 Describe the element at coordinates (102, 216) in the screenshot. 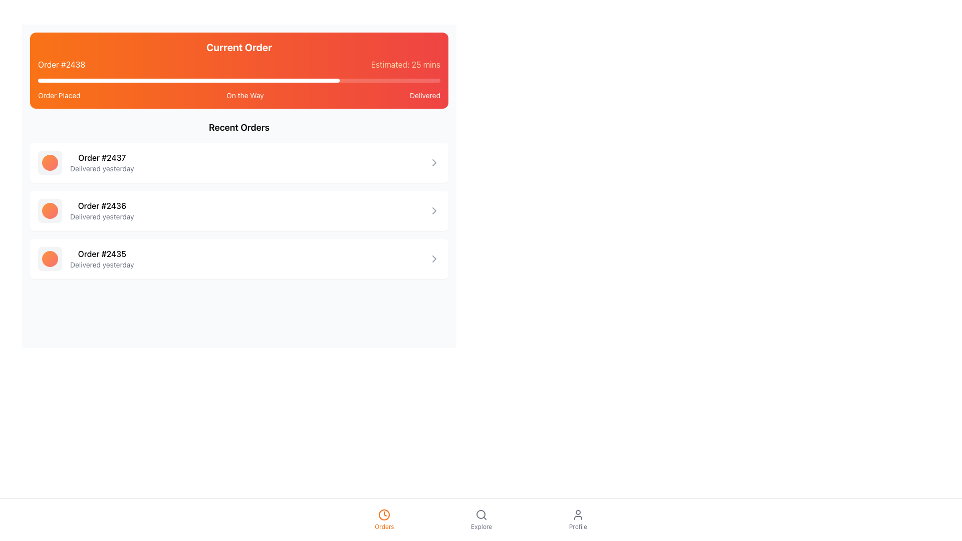

I see `text content of the label displaying 'Delivered yesterday', which is located directly below the 'Order #2436' label in the Recent Orders section` at that location.